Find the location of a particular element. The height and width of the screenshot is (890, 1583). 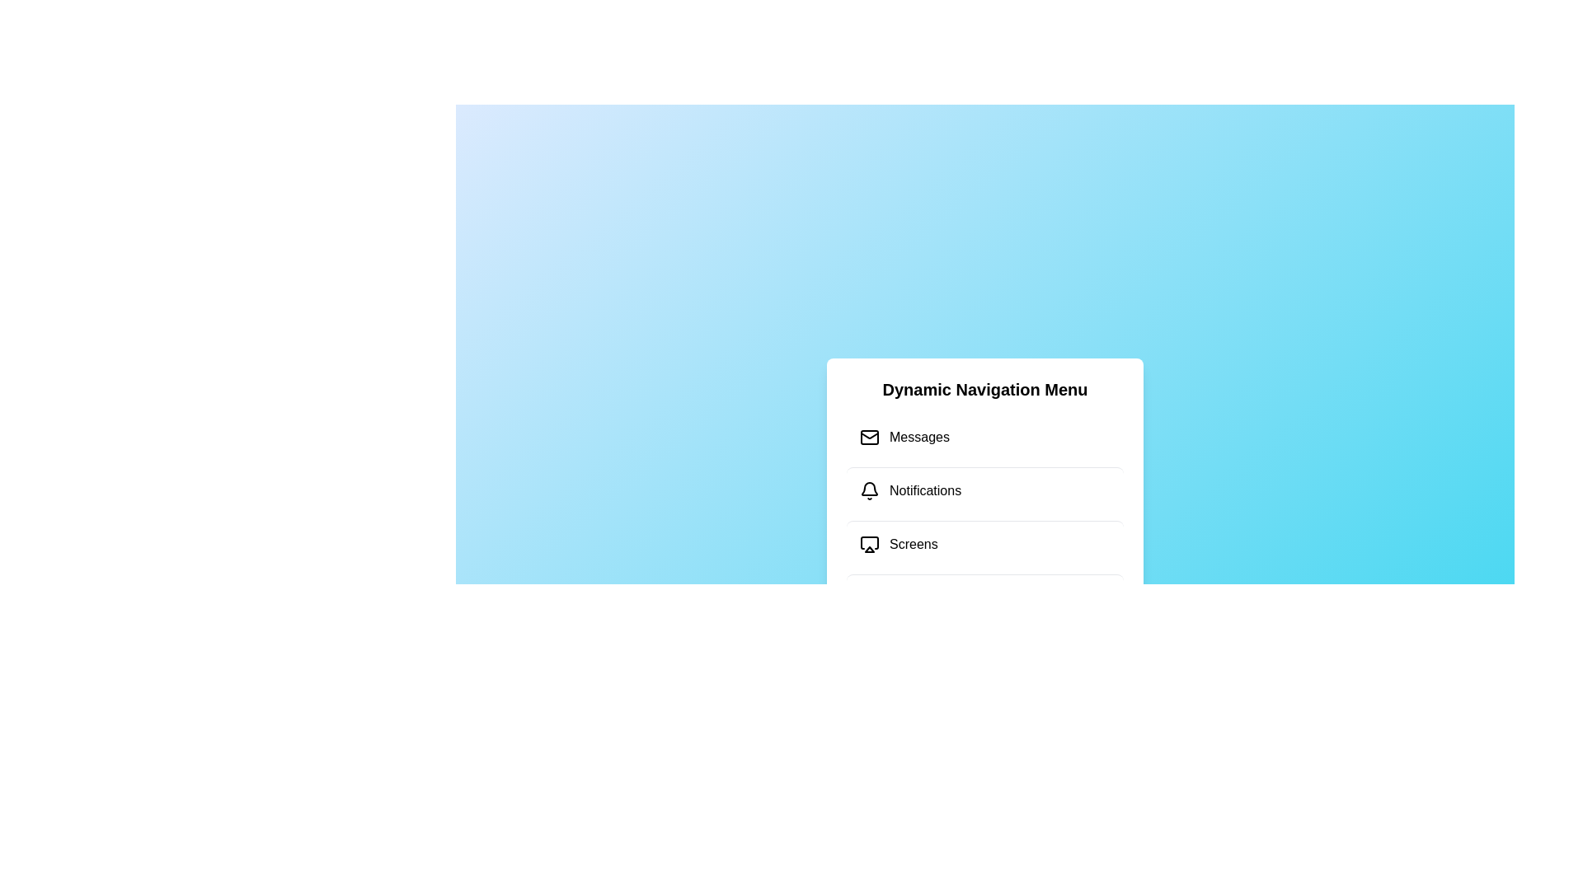

the menu item Screens by clicking on it is located at coordinates (985, 544).